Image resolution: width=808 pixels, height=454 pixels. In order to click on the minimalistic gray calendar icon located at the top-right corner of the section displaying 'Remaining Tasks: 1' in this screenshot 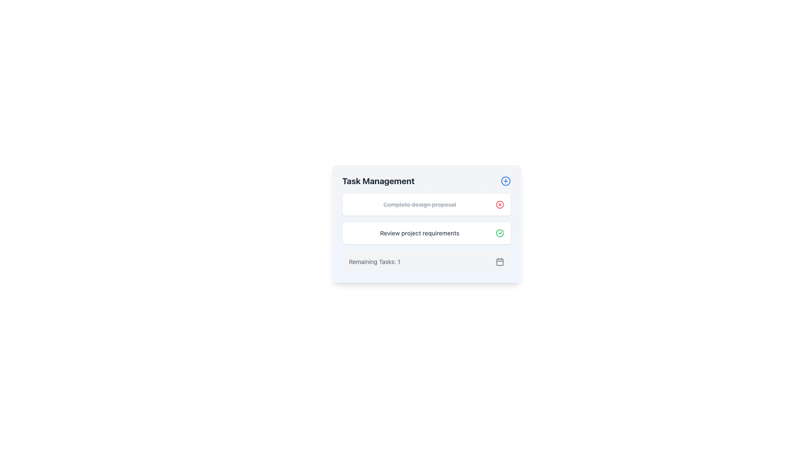, I will do `click(500, 261)`.